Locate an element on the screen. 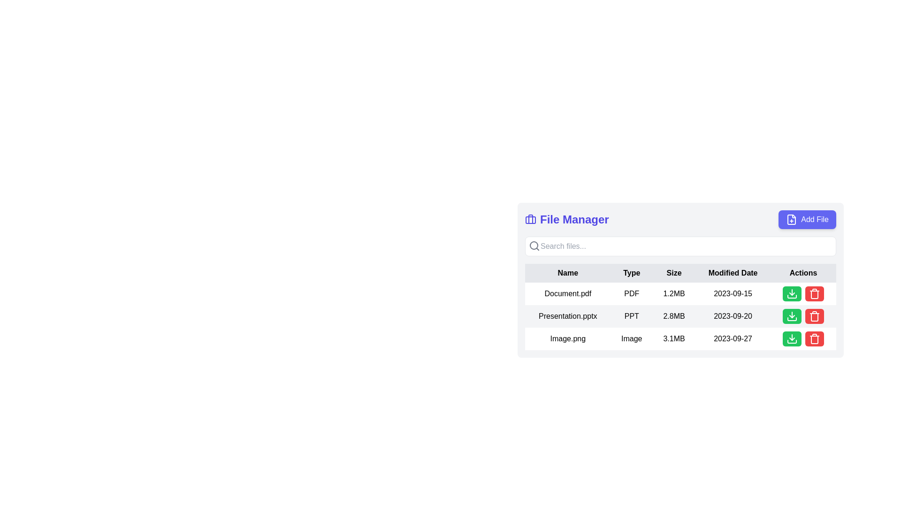 The image size is (901, 507). the button with a trash icon, characterized by a red background and located is located at coordinates (814, 338).